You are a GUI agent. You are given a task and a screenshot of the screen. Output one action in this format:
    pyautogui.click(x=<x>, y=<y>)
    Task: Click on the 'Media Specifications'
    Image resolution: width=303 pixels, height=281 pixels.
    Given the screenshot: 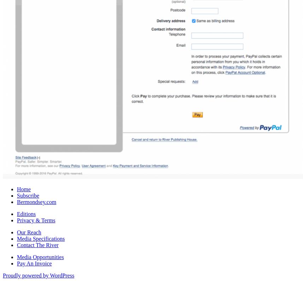 What is the action you would take?
    pyautogui.click(x=41, y=238)
    